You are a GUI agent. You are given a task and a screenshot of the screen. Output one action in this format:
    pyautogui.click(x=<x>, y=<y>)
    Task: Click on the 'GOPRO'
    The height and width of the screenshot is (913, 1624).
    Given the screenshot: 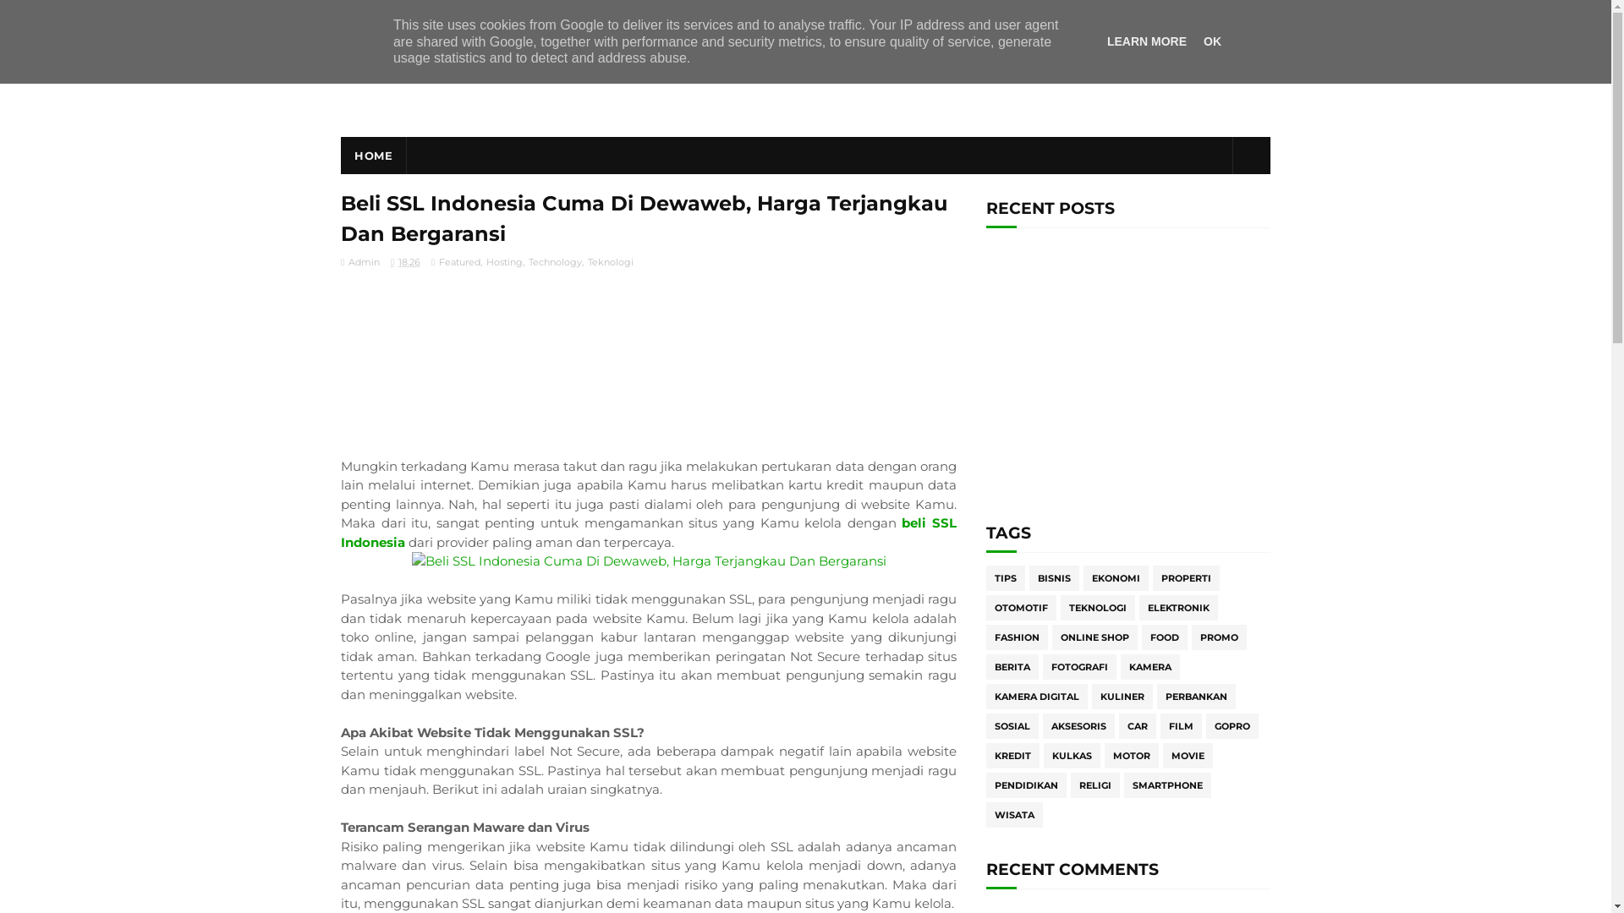 What is the action you would take?
    pyautogui.click(x=1232, y=725)
    